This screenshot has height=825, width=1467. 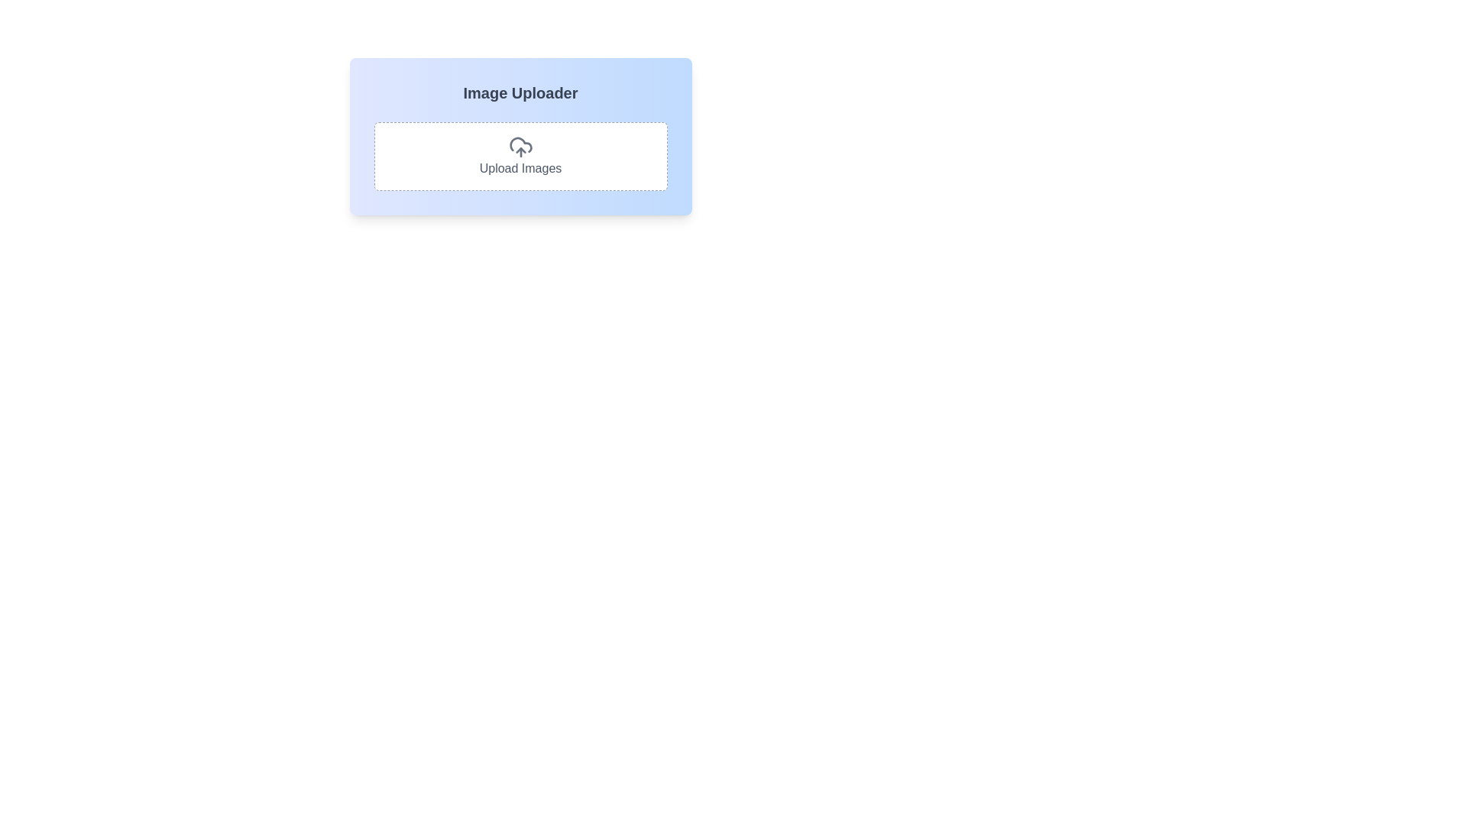 I want to click on the cloud upload icon with an upward arrow, so click(x=520, y=147).